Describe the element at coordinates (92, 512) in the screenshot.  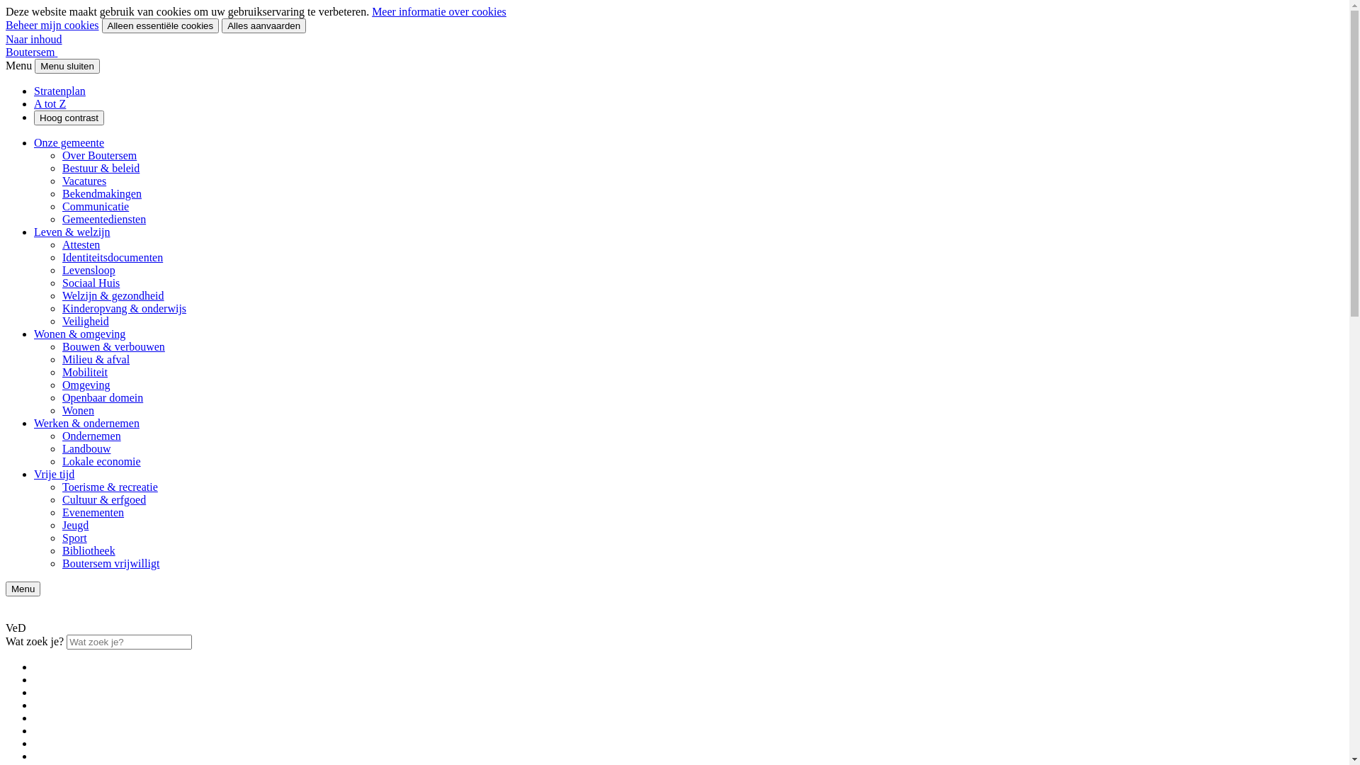
I see `'Evenementen'` at that location.